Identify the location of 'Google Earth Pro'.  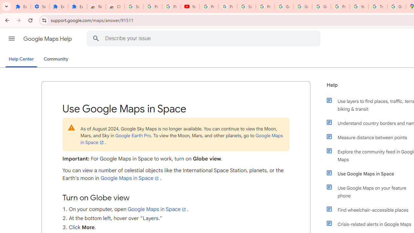
(133, 135).